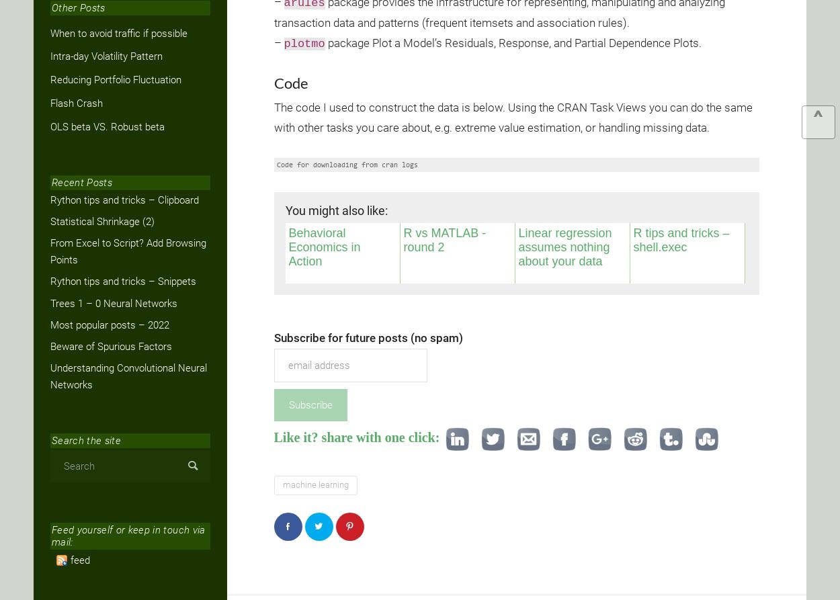 This screenshot has height=600, width=840. Describe the element at coordinates (119, 33) in the screenshot. I see `'When to avoid traffic if possible'` at that location.